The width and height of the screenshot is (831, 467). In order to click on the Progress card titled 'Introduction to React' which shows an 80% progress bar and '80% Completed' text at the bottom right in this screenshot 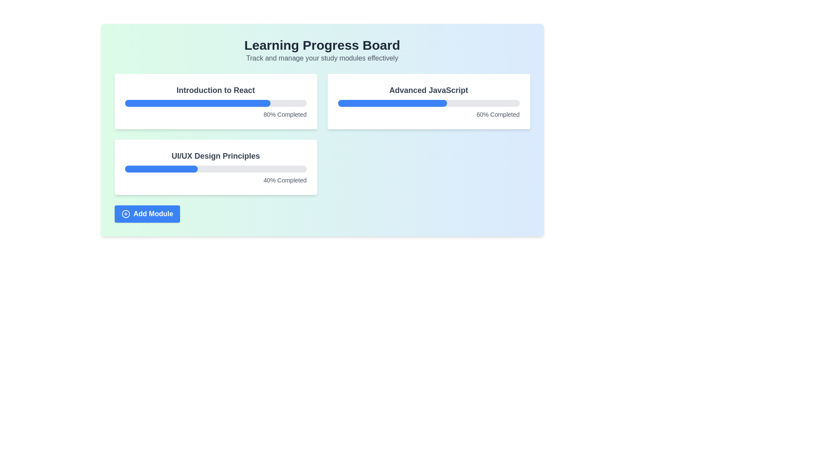, I will do `click(216, 101)`.